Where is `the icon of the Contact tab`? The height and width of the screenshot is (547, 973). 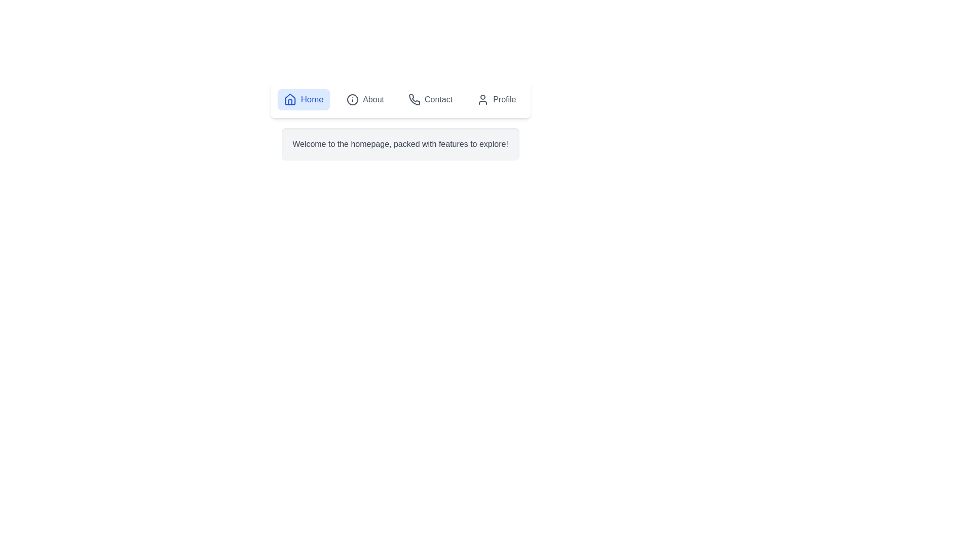 the icon of the Contact tab is located at coordinates (414, 99).